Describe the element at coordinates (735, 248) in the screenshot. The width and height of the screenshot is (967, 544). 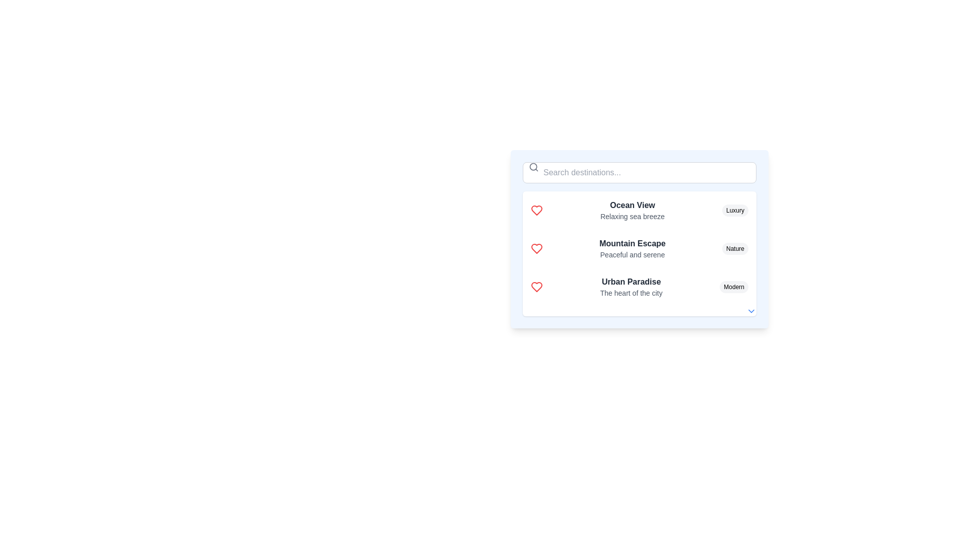
I see `the small, rounded rectangular badge labeled 'Nature' with a light gray background, located at the end of the middle row of item cards, to the right of the text 'Mountain Escape'` at that location.